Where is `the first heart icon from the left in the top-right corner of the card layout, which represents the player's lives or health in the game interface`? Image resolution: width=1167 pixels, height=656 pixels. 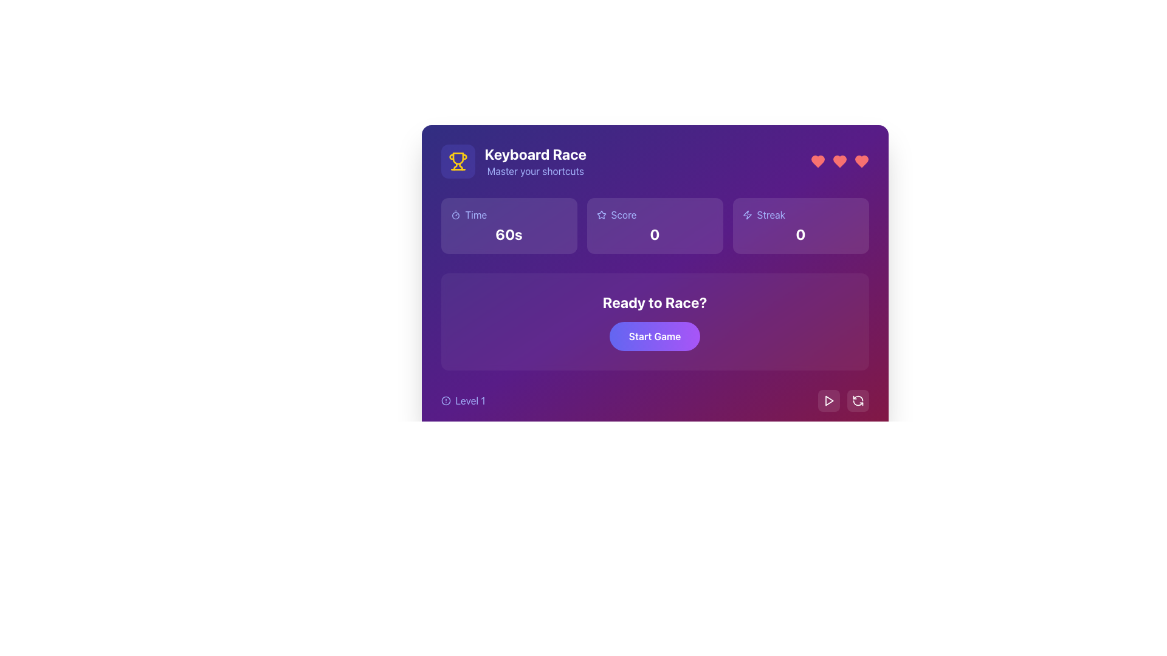
the first heart icon from the left in the top-right corner of the card layout, which represents the player's lives or health in the game interface is located at coordinates (818, 161).